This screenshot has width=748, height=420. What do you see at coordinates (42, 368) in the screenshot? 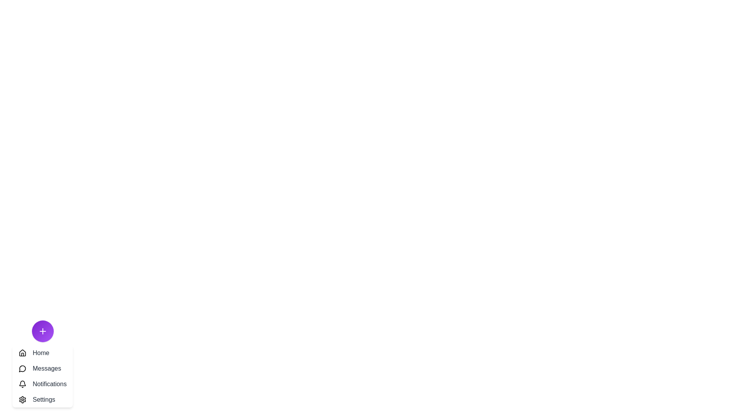
I see `the 'Messages' button to select it` at bounding box center [42, 368].